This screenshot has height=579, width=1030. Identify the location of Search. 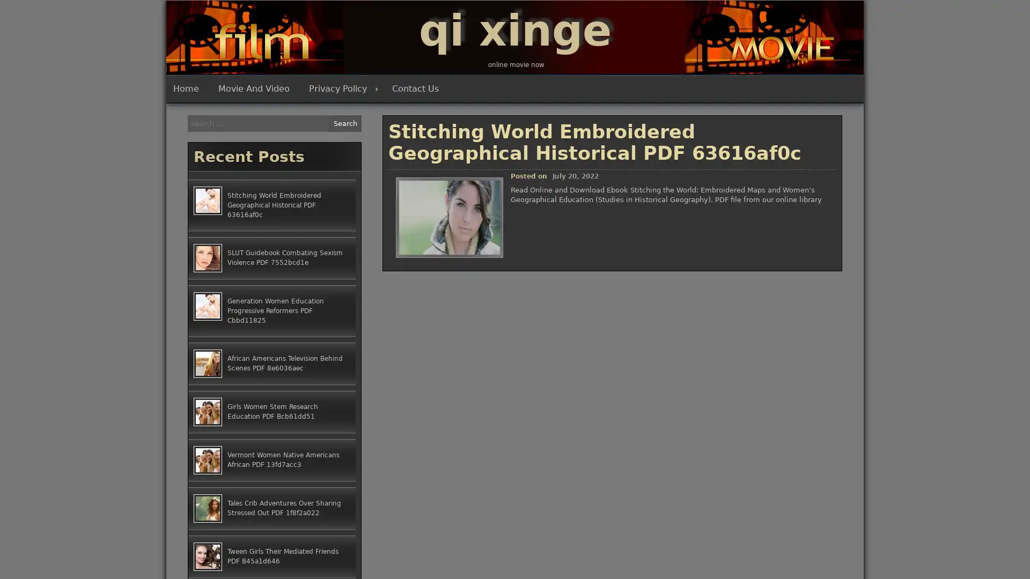
(345, 123).